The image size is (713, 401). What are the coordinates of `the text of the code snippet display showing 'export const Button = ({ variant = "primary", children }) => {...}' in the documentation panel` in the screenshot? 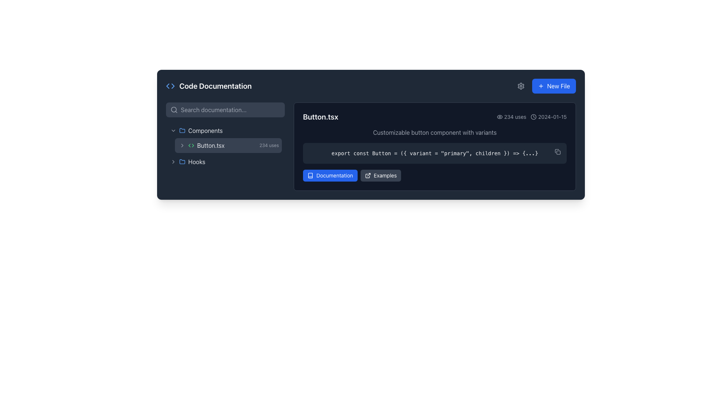 It's located at (435, 153).